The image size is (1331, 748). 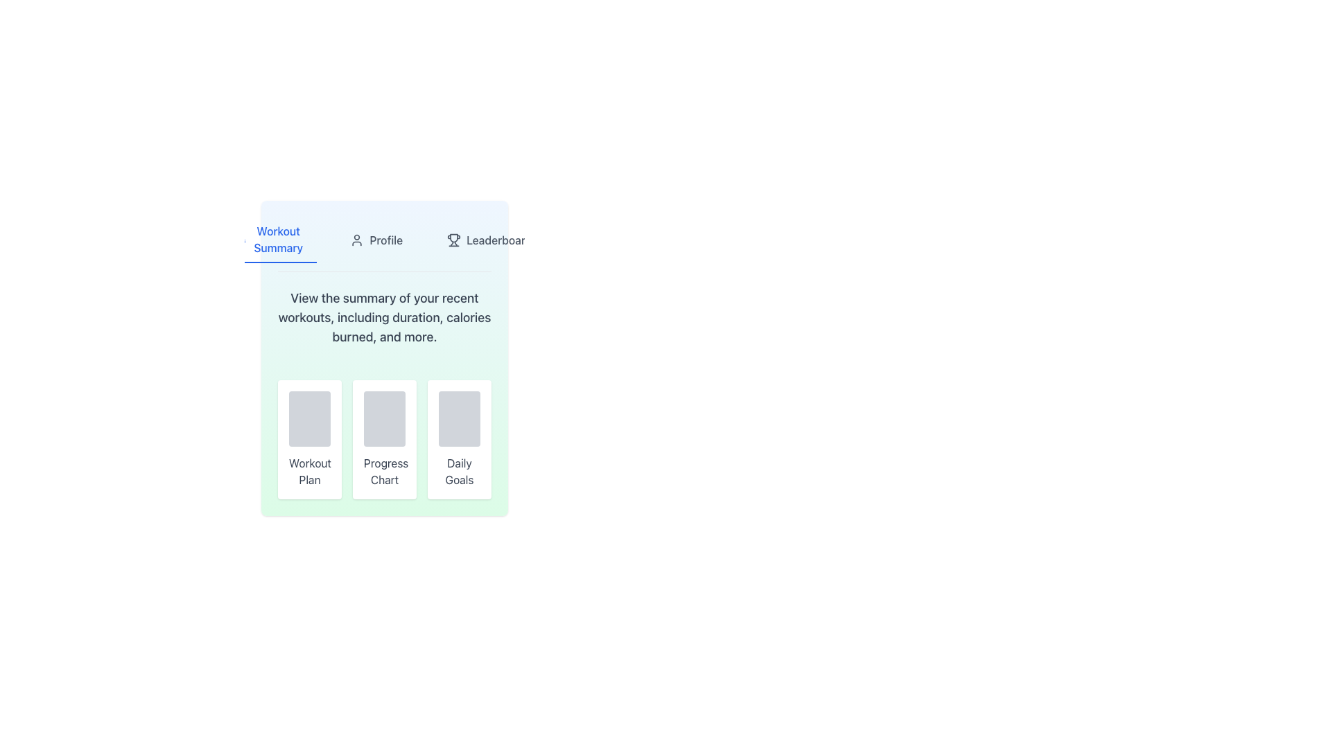 What do you see at coordinates (277, 239) in the screenshot?
I see `the 'Workout Summary' navigation header` at bounding box center [277, 239].